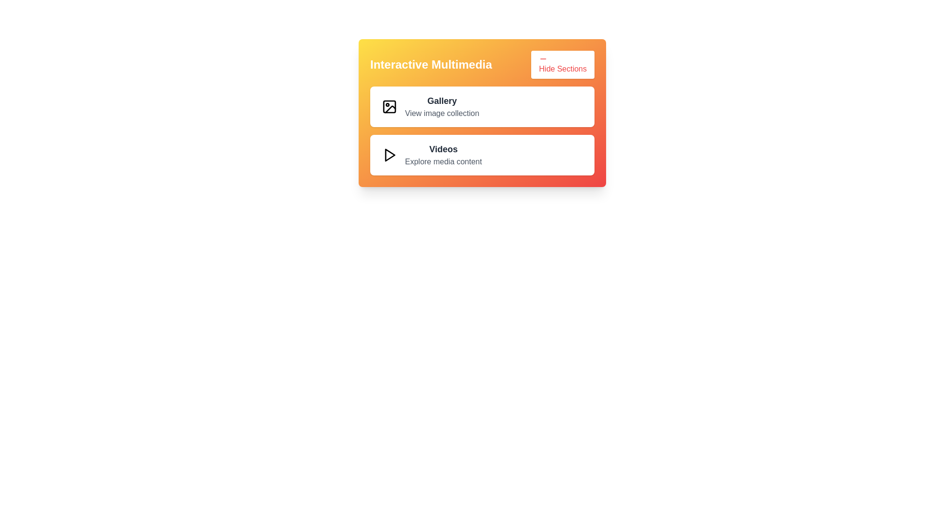 The width and height of the screenshot is (928, 522). I want to click on the 'Gallery' text label, which is a bold, dark-colored text element located at the top of the multimedia section, within a rectangular area with a gradient background, so click(441, 101).